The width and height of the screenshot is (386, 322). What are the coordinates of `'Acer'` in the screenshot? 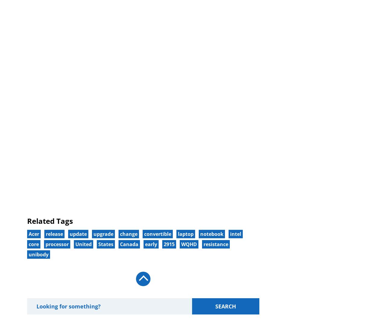 It's located at (33, 233).